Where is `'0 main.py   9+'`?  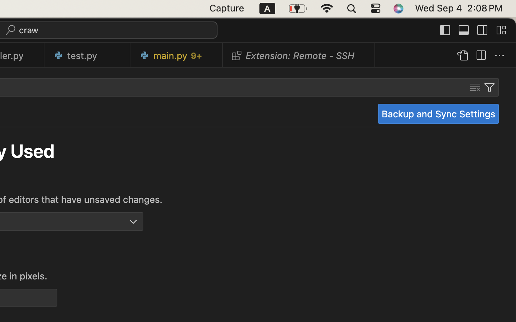 '0 main.py   9+' is located at coordinates (176, 55).